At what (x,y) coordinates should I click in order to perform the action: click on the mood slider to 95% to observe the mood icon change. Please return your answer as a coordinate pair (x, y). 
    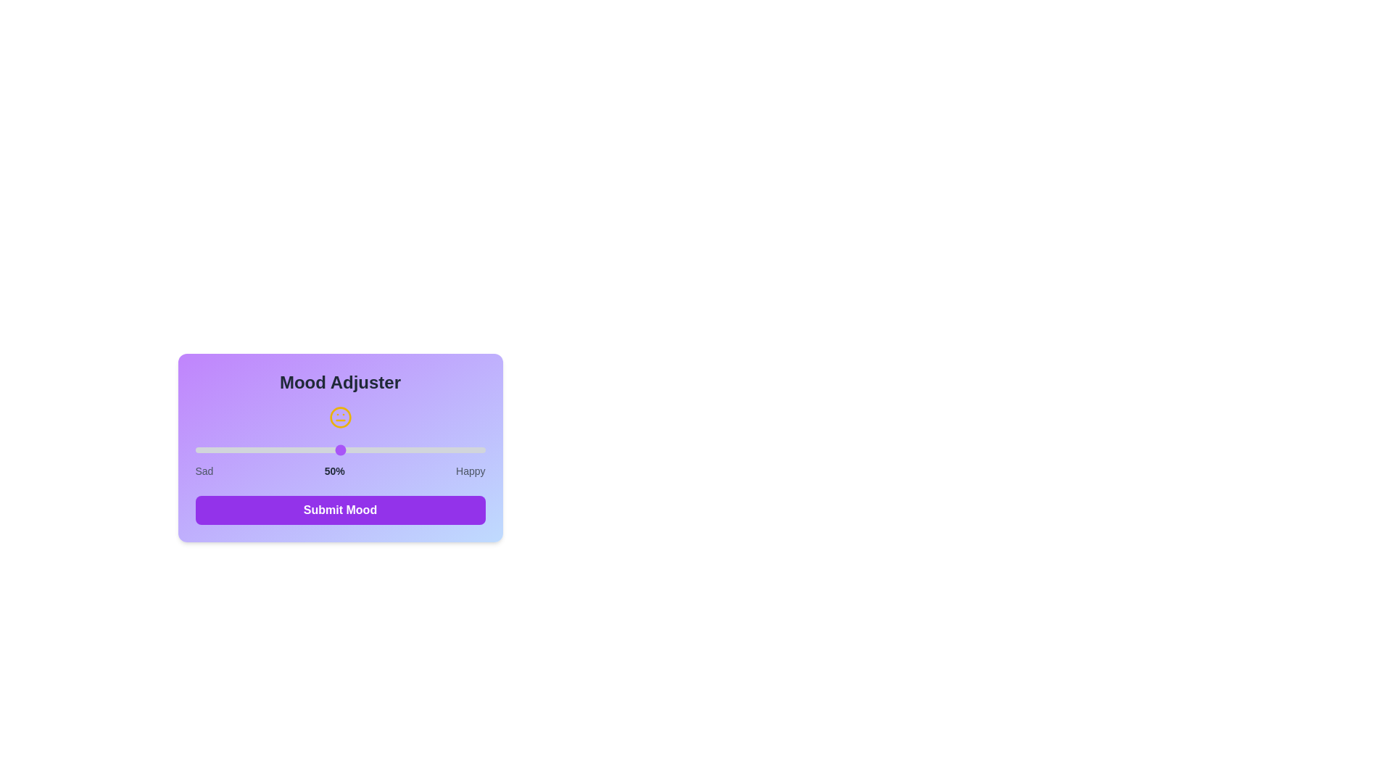
    Looking at the image, I should click on (471, 449).